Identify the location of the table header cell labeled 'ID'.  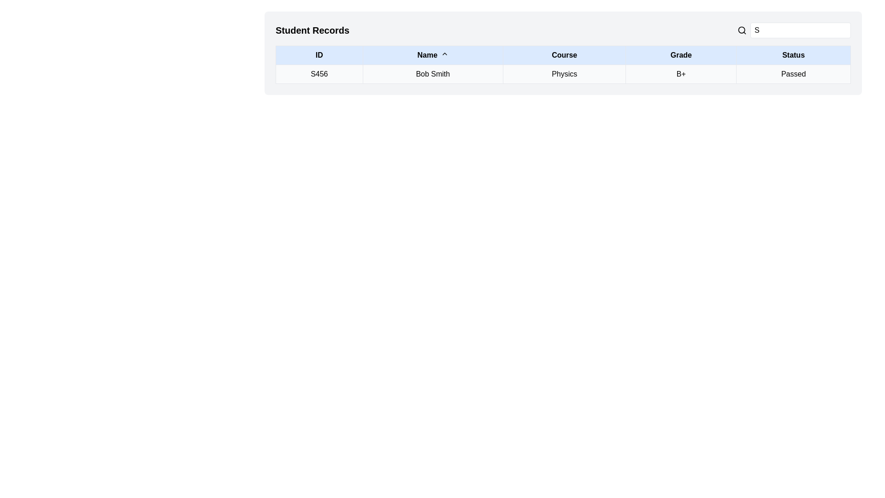
(319, 55).